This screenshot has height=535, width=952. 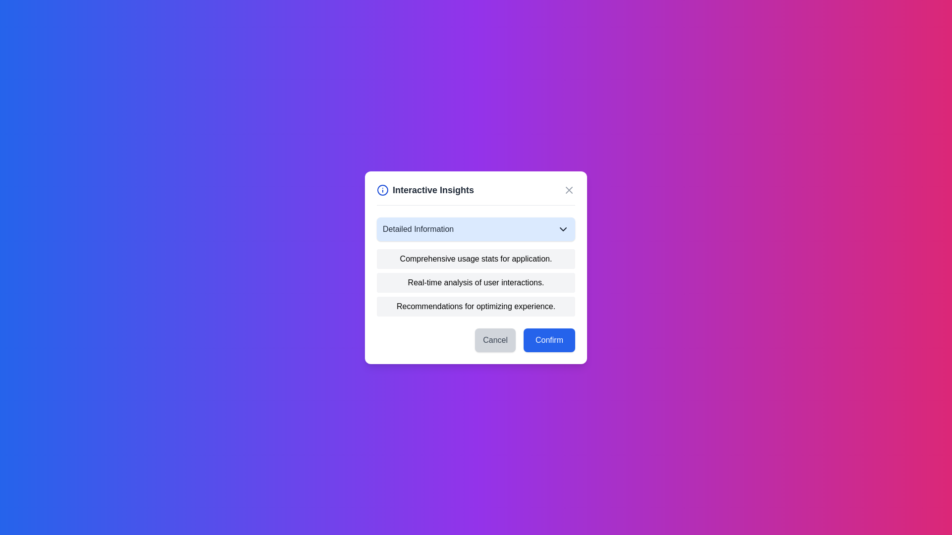 What do you see at coordinates (382, 190) in the screenshot?
I see `the circular SVG element located at the top-left corner of the dialog box, which is part of an icon structure` at bounding box center [382, 190].